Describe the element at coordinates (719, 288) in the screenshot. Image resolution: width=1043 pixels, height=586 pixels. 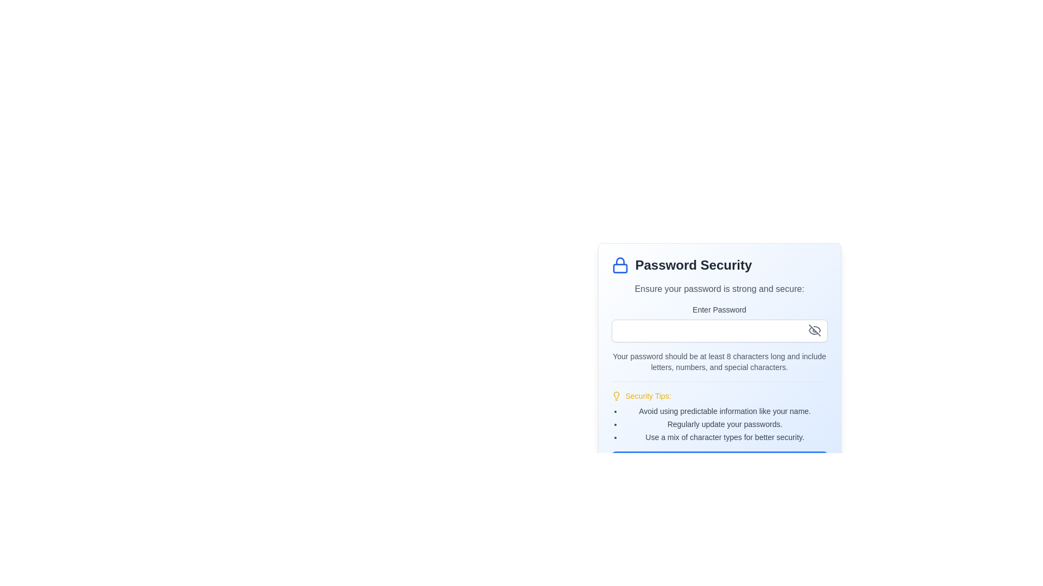
I see `the text label displaying the message 'Ensure your password is strong and secure:', which is styled in gray and located below the 'Password Security' header` at that location.